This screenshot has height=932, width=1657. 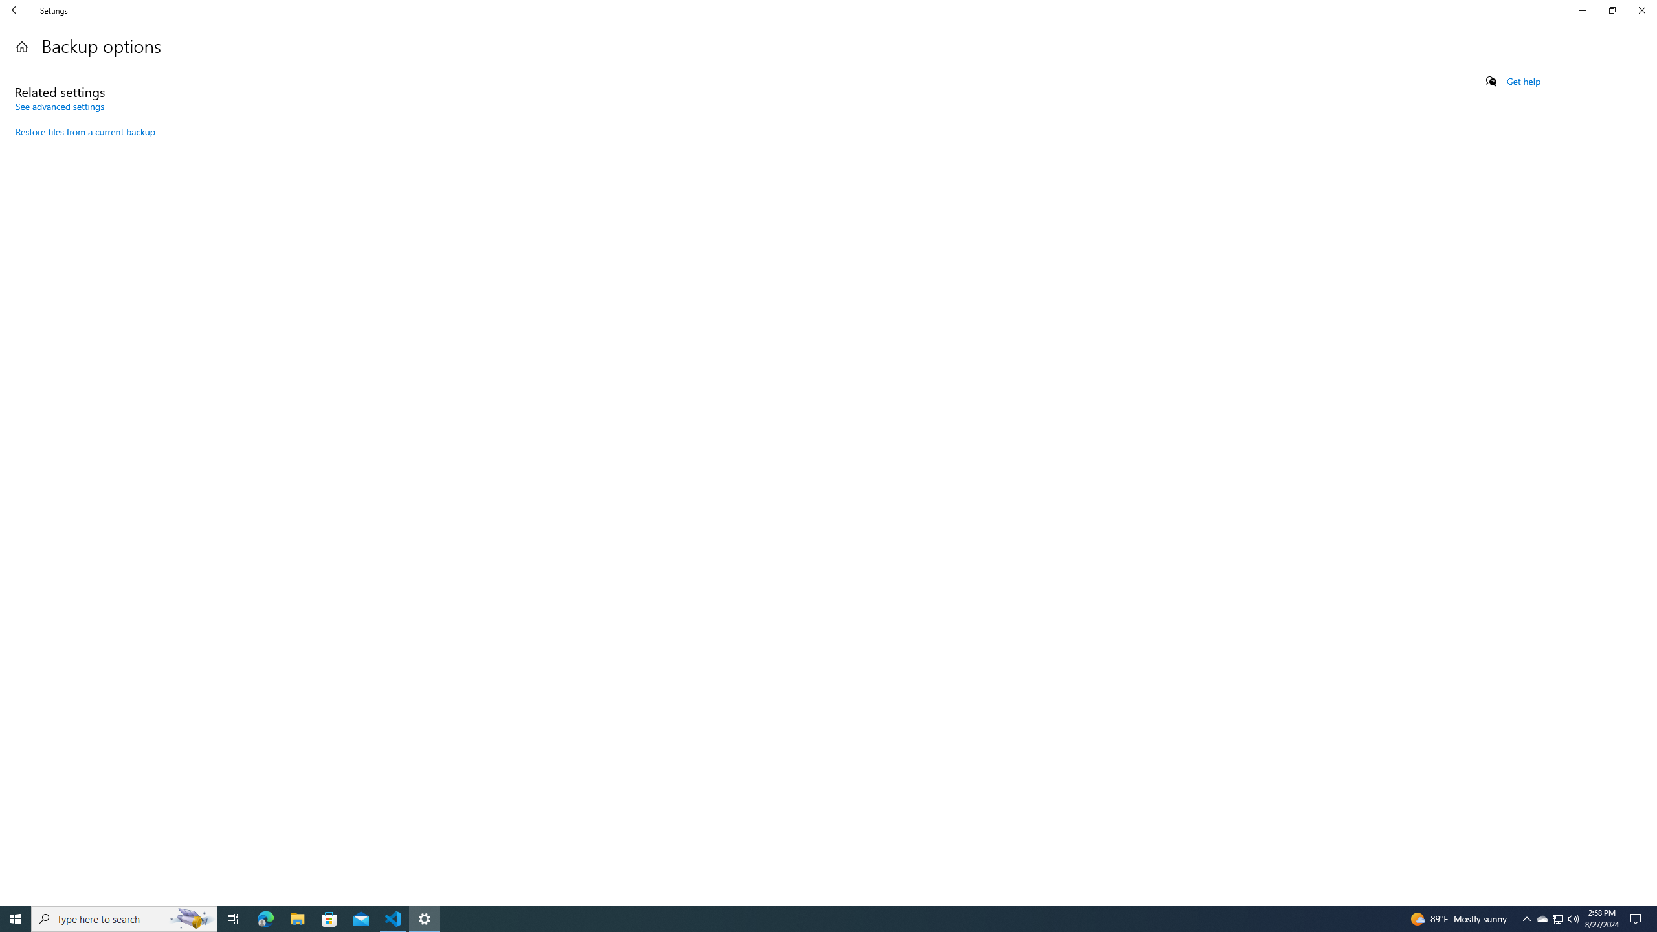 What do you see at coordinates (1572, 918) in the screenshot?
I see `'Q2790: 100%'` at bounding box center [1572, 918].